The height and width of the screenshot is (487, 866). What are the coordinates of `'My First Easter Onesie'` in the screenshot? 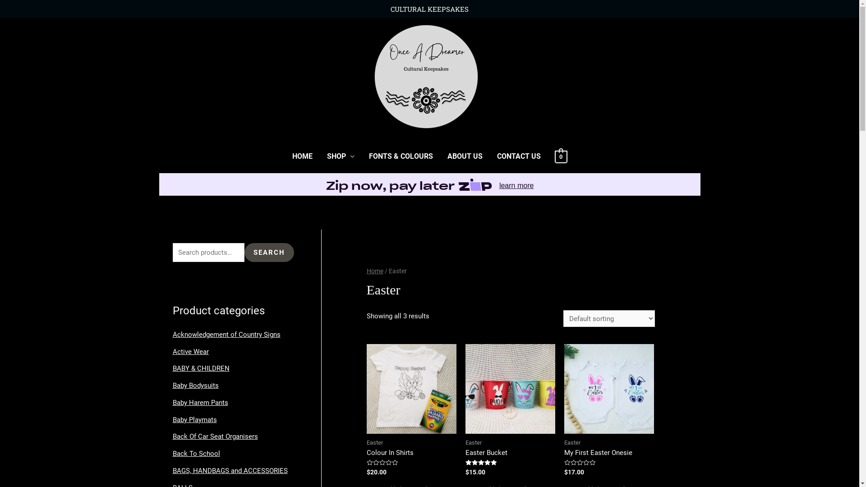 It's located at (564, 453).